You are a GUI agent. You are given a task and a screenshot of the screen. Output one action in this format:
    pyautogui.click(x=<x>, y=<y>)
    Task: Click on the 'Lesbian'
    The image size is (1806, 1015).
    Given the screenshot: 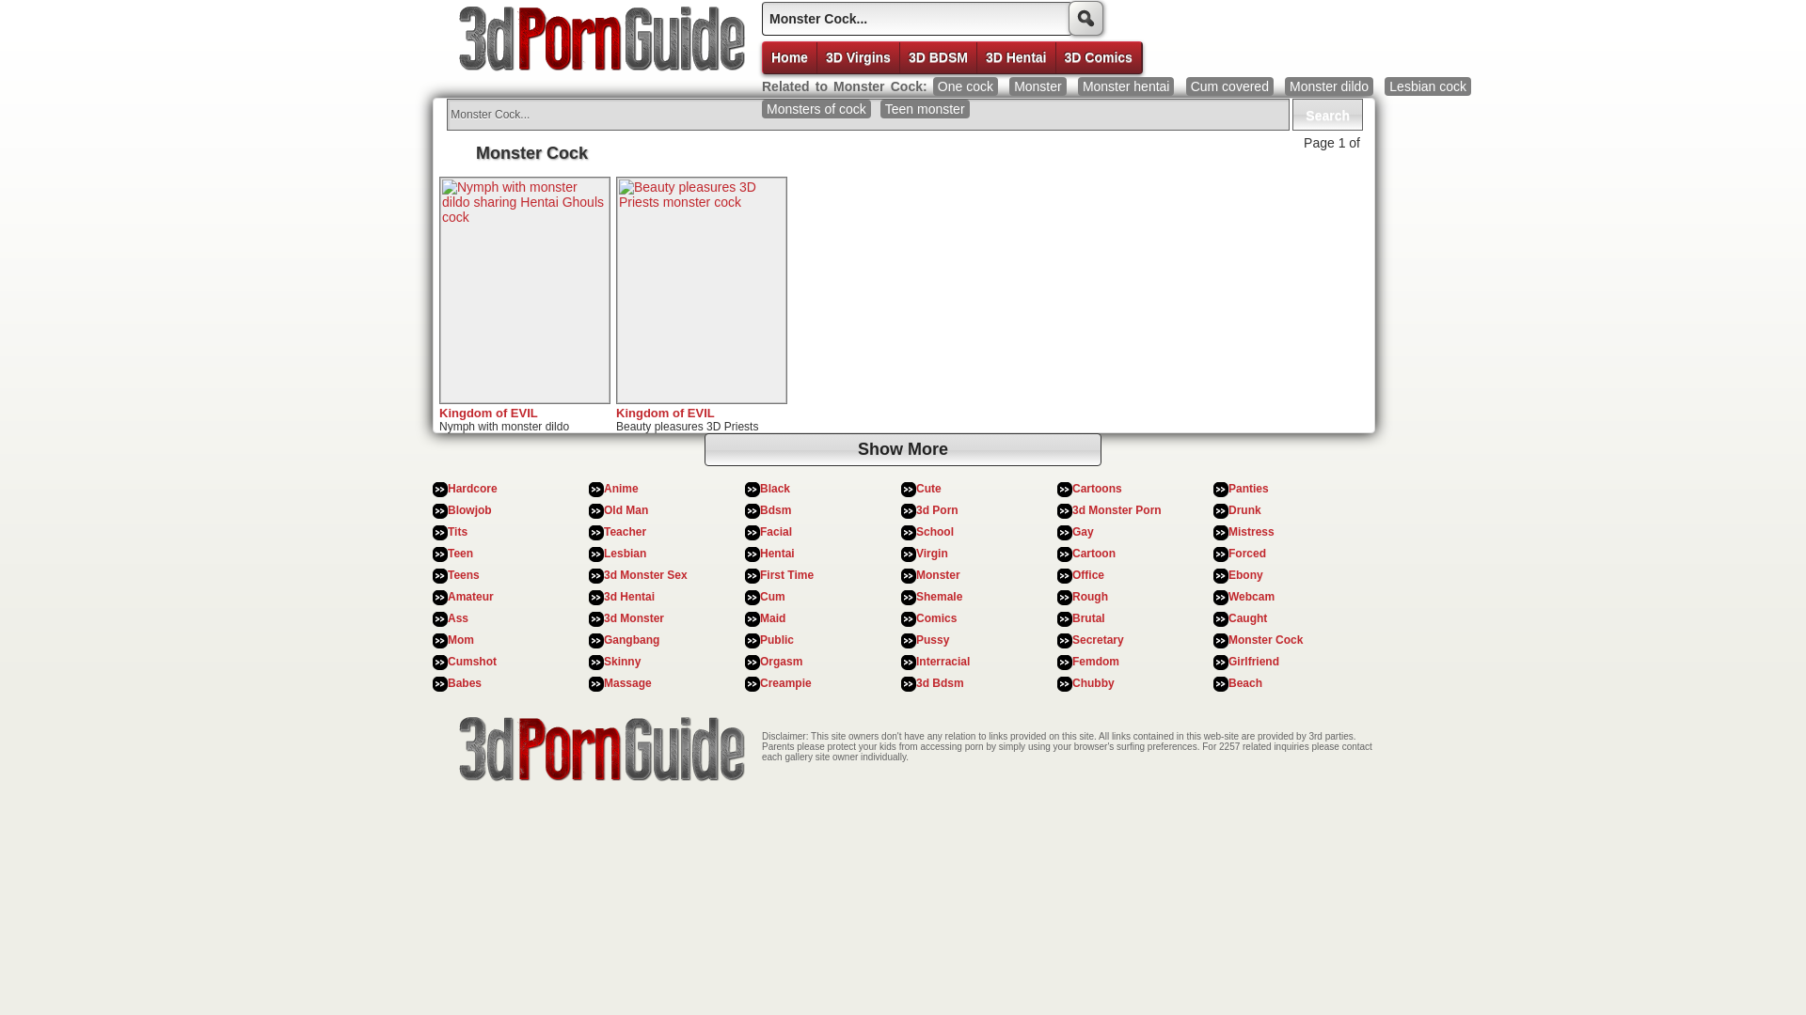 What is the action you would take?
    pyautogui.click(x=625, y=553)
    